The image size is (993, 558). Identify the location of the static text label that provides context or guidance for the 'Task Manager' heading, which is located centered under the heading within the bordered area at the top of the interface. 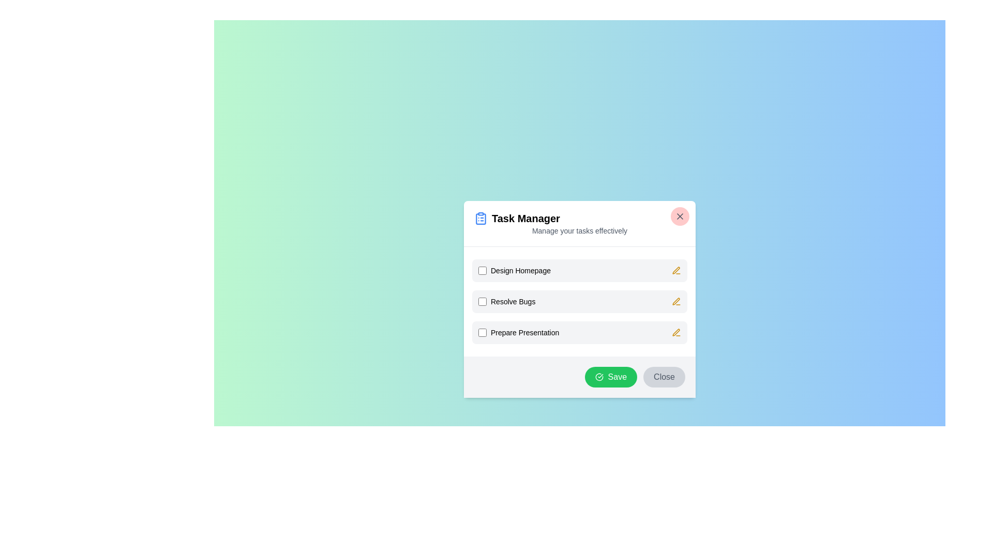
(580, 230).